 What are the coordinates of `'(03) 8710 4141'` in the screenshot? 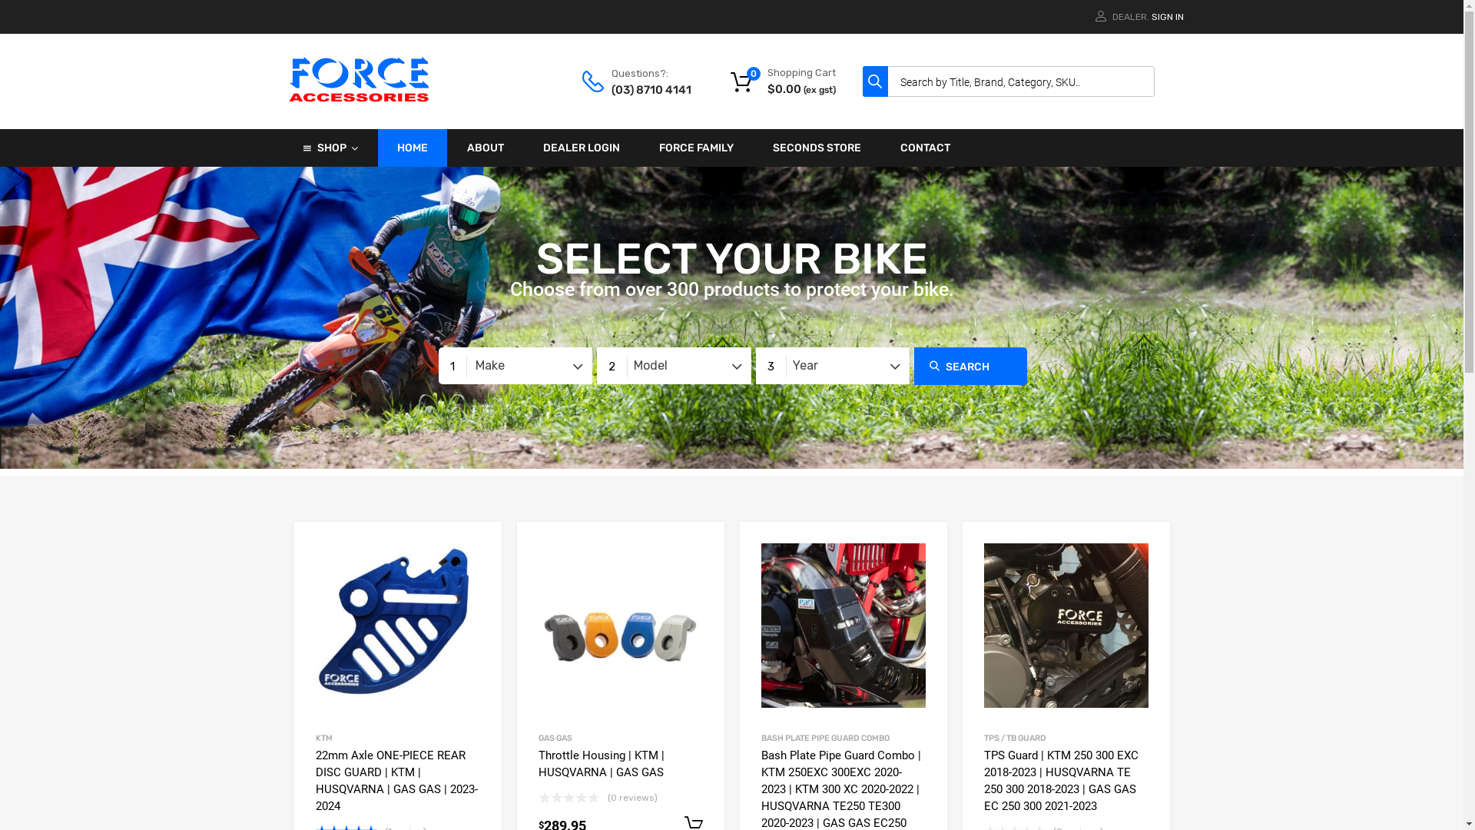 It's located at (648, 90).